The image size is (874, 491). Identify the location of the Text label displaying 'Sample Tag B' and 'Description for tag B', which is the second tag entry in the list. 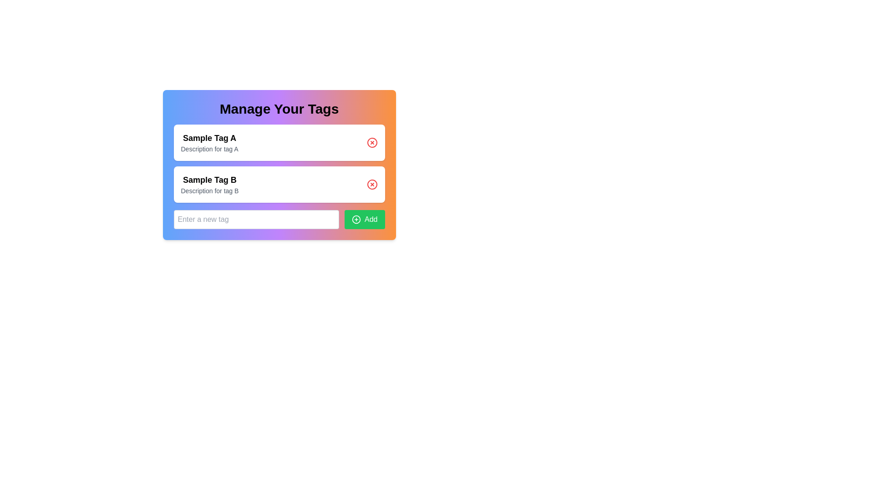
(209, 184).